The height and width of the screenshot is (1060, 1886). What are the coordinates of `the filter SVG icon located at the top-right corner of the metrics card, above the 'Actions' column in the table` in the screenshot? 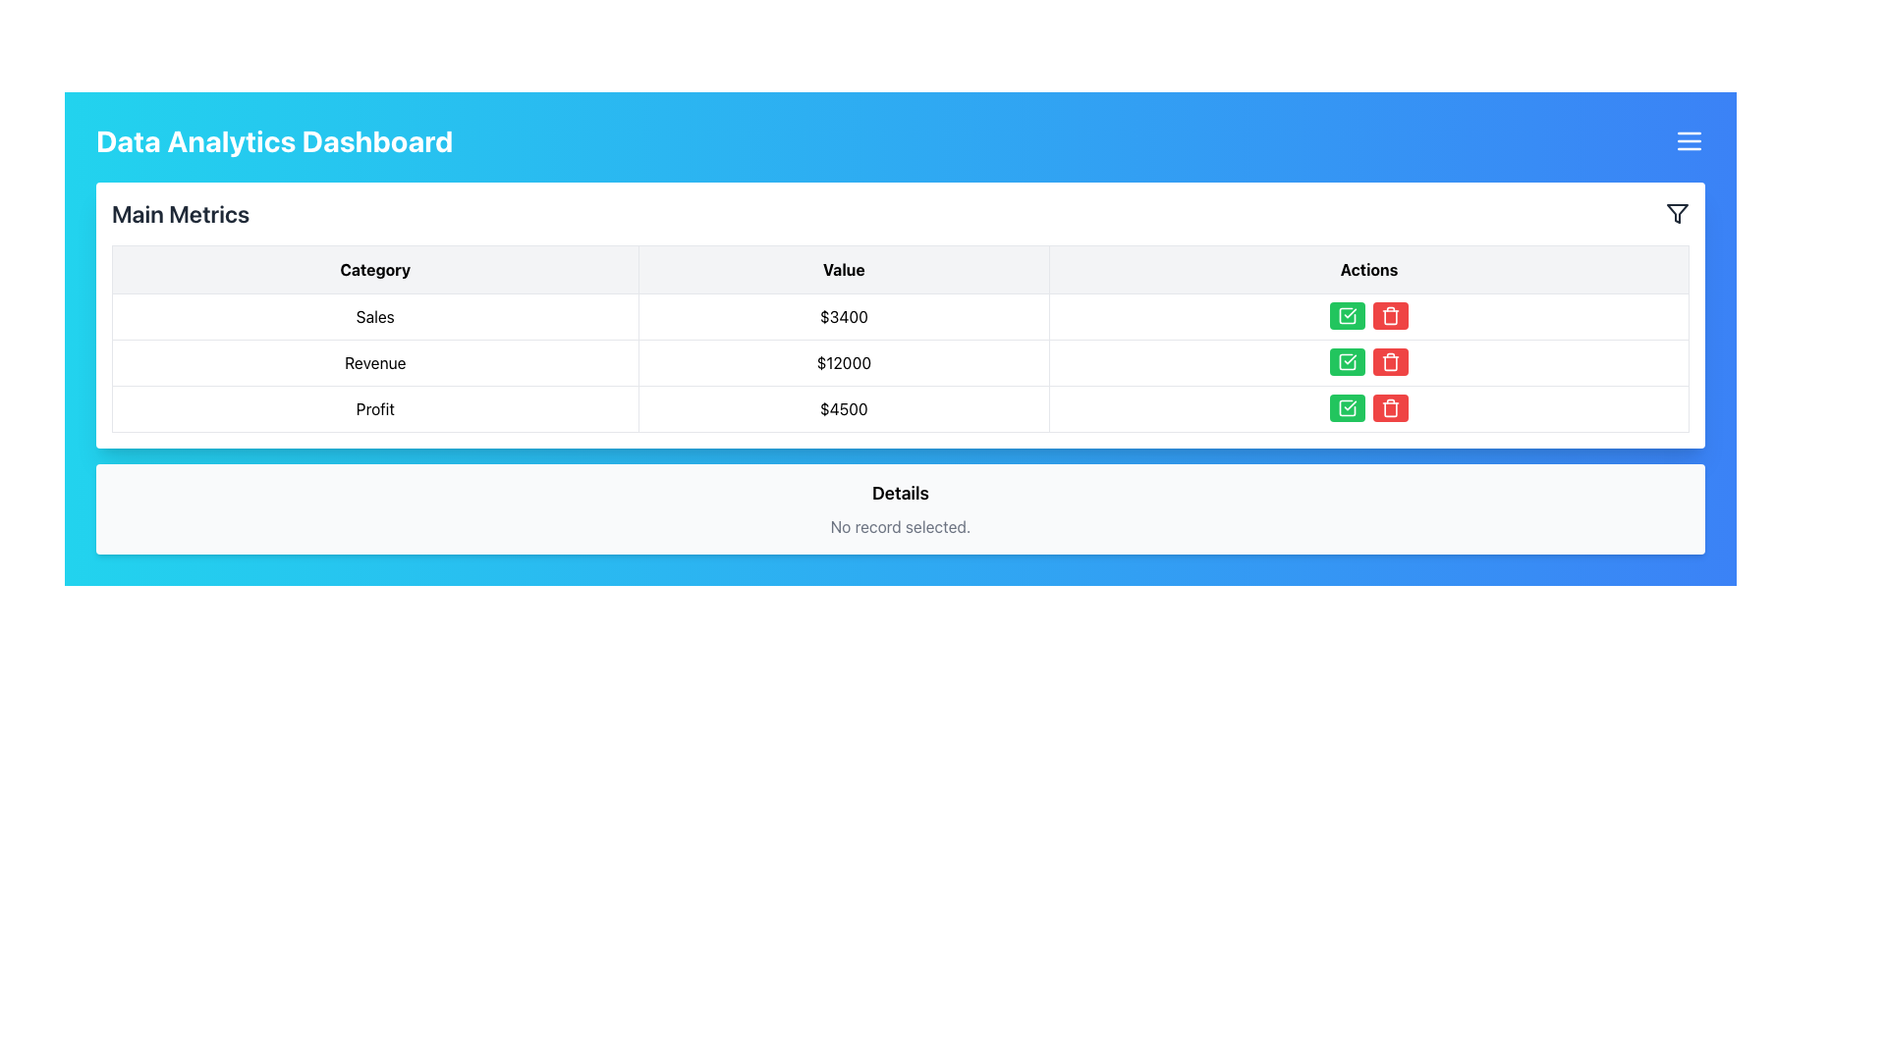 It's located at (1677, 214).